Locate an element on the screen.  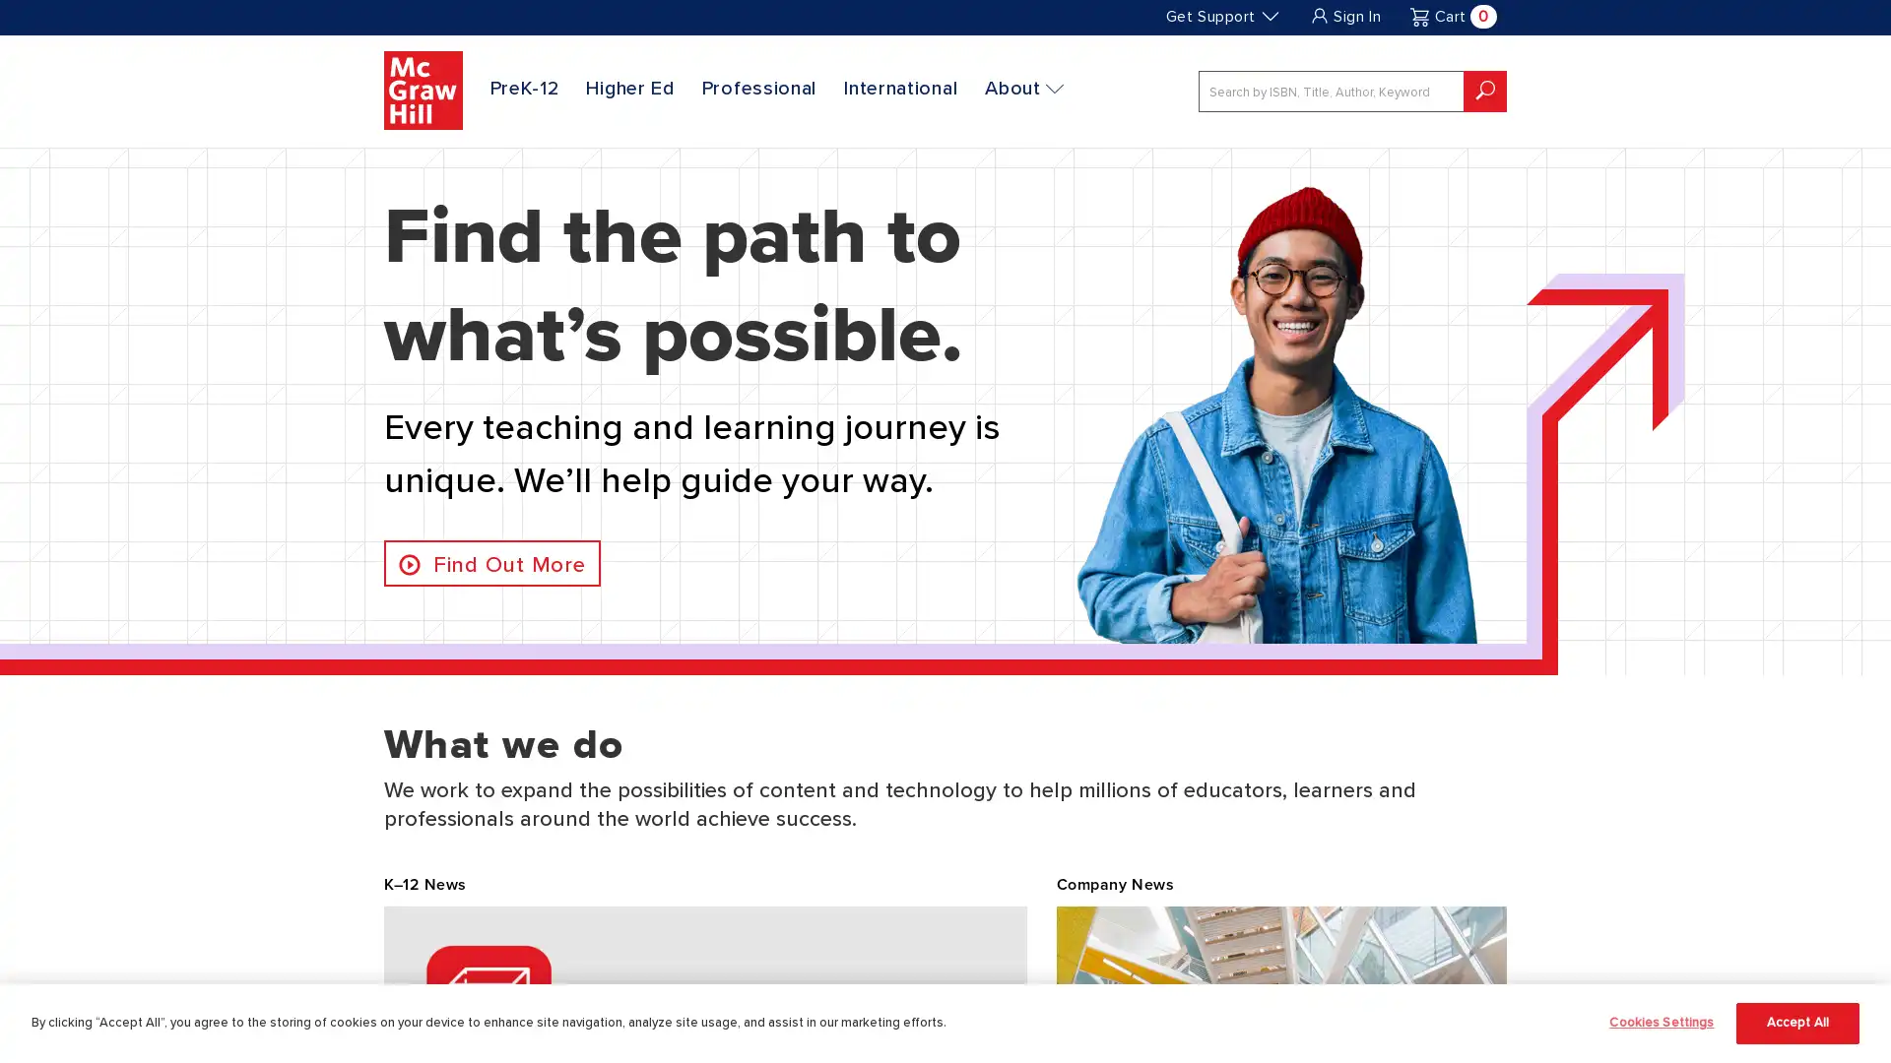
SKIP TO MAIN CONTENT is located at coordinates (586, 31).